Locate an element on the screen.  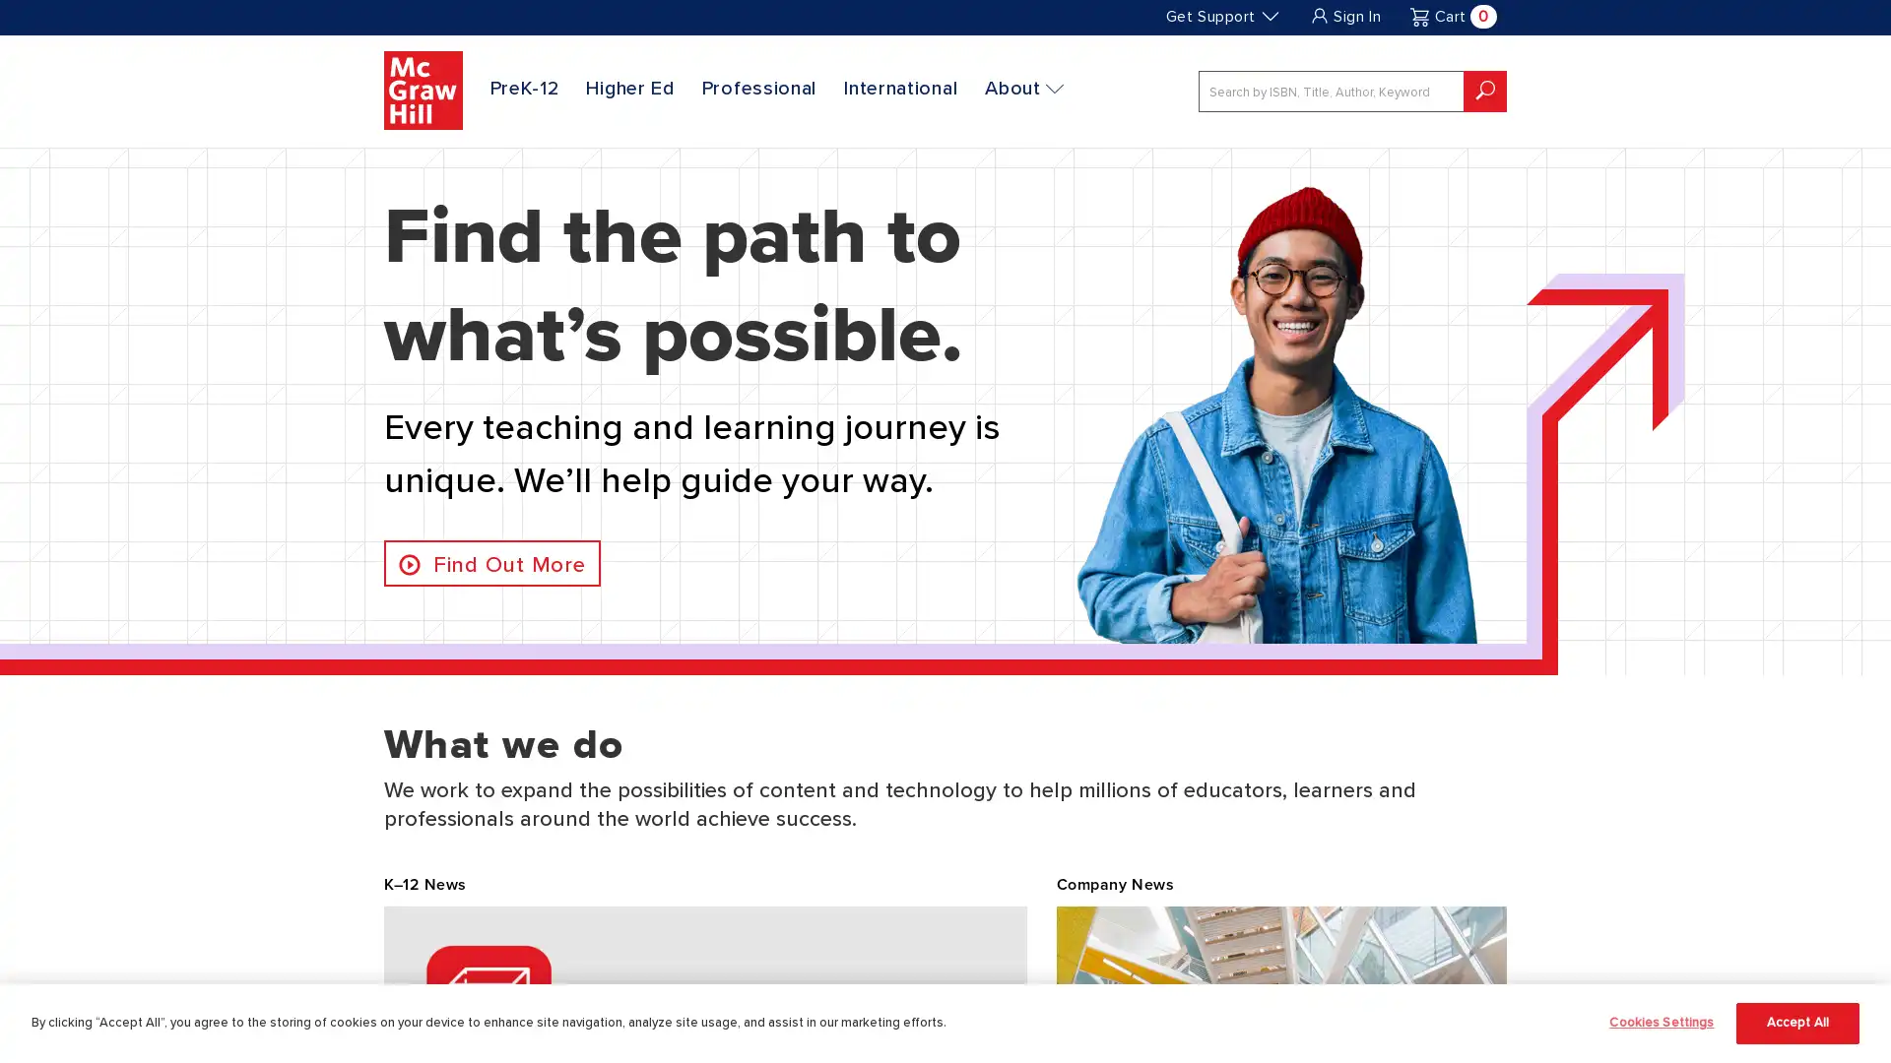
SKIP TO MAIN CONTENT is located at coordinates (586, 31).